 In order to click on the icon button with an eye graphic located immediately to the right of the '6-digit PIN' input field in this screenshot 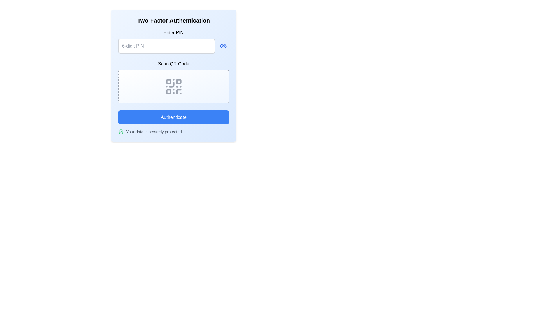, I will do `click(223, 46)`.